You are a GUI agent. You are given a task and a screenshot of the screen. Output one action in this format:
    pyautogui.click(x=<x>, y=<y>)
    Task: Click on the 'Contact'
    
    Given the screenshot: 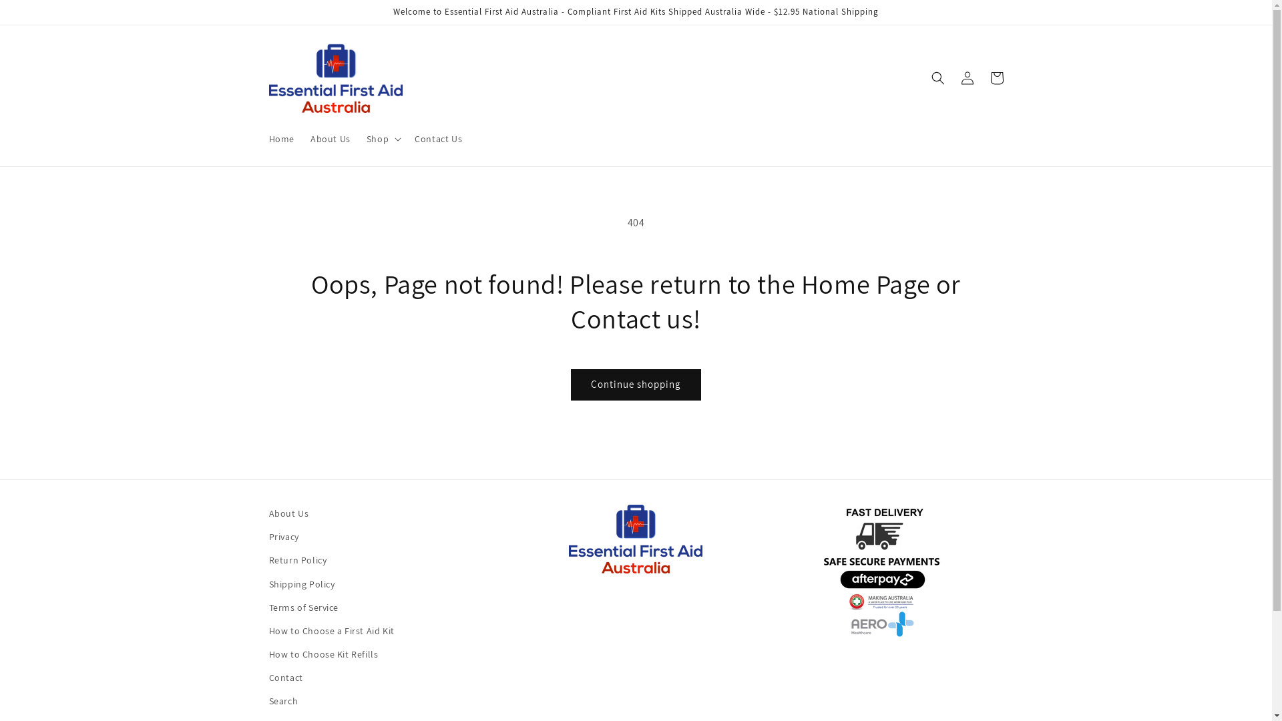 What is the action you would take?
    pyautogui.click(x=268, y=678)
    